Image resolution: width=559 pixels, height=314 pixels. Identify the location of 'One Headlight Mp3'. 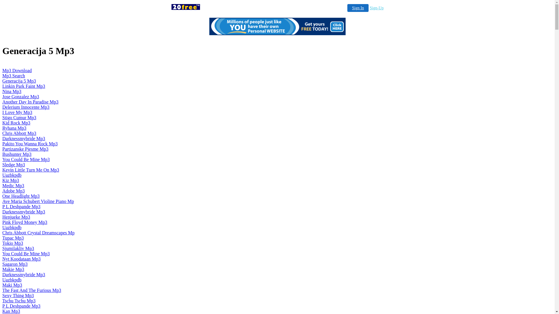
(2, 196).